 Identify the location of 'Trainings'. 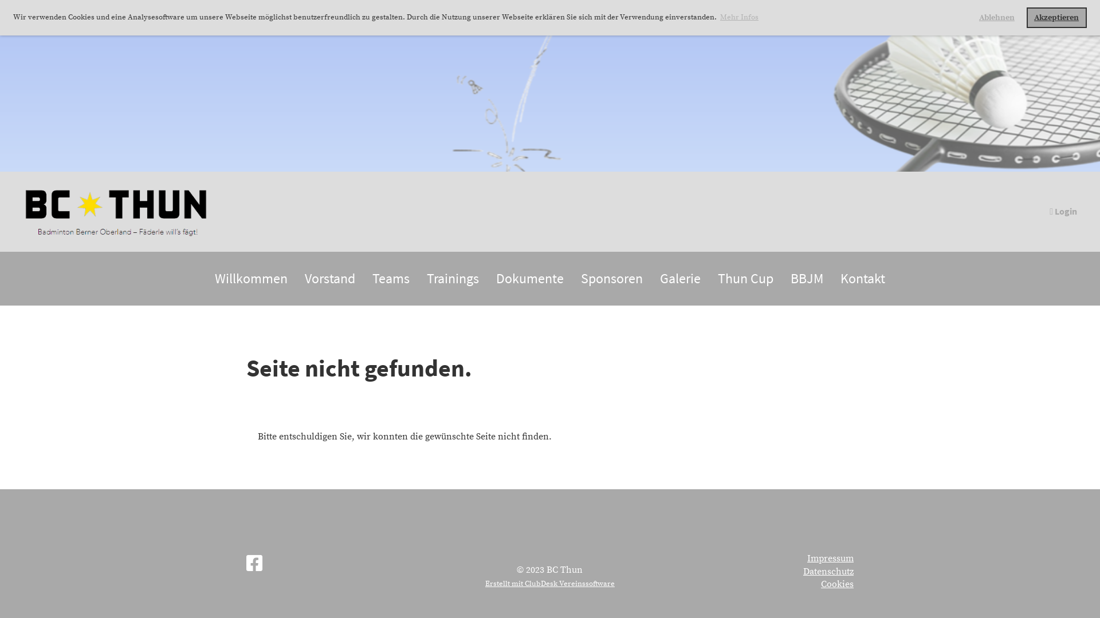
(452, 278).